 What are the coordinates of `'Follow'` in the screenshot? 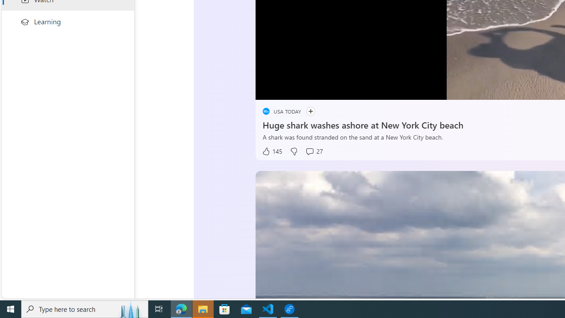 It's located at (310, 111).